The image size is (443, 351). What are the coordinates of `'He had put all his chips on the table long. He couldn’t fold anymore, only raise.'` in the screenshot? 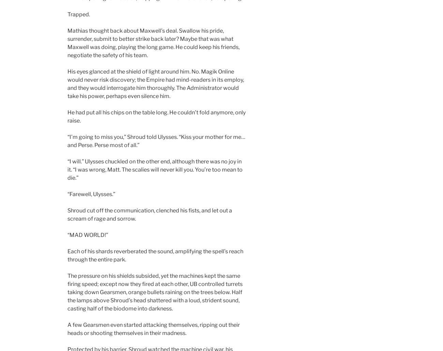 It's located at (156, 116).